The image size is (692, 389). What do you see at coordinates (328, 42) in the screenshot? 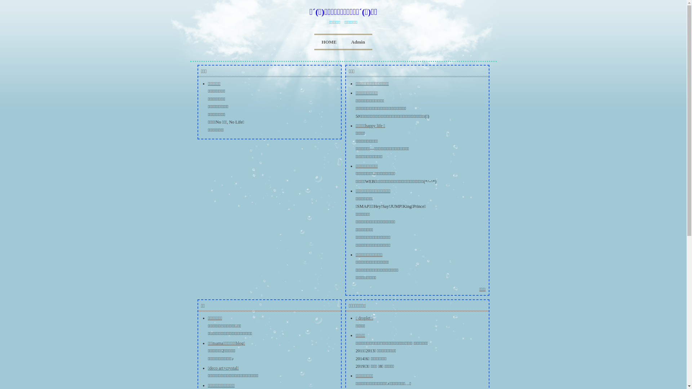
I see `'HOME'` at bounding box center [328, 42].